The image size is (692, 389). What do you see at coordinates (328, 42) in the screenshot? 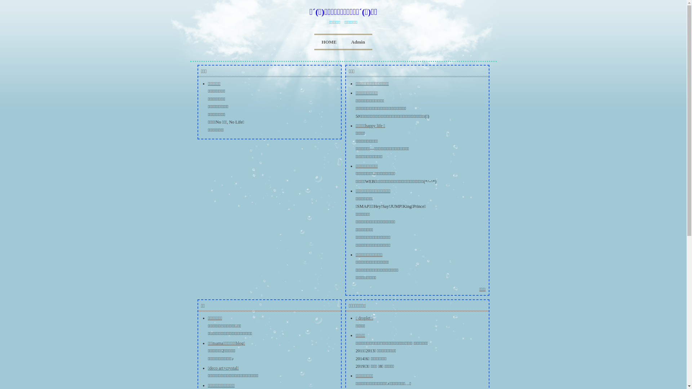
I see `'HOME'` at bounding box center [328, 42].